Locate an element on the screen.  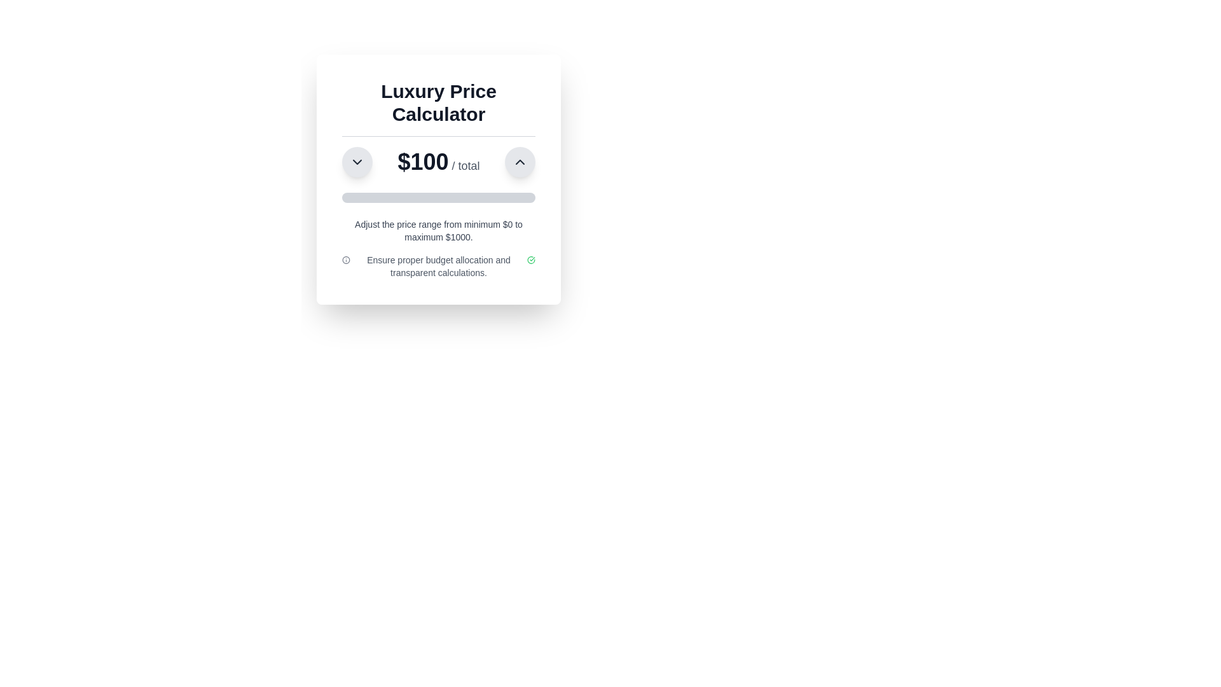
the price range is located at coordinates (475, 198).